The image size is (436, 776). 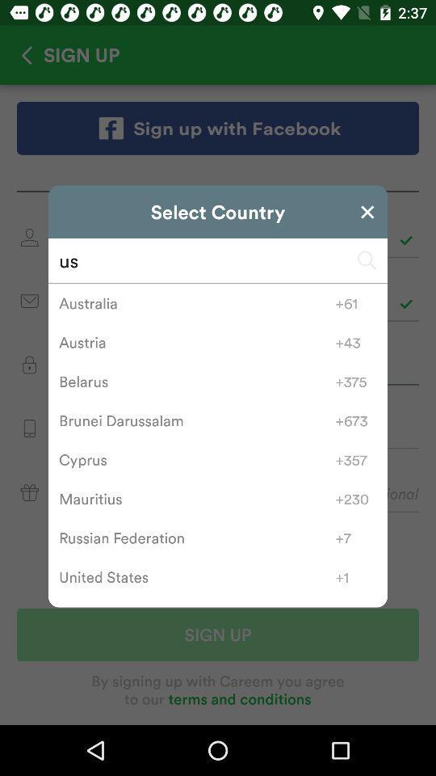 What do you see at coordinates (367, 211) in the screenshot?
I see `item at the top right corner` at bounding box center [367, 211].